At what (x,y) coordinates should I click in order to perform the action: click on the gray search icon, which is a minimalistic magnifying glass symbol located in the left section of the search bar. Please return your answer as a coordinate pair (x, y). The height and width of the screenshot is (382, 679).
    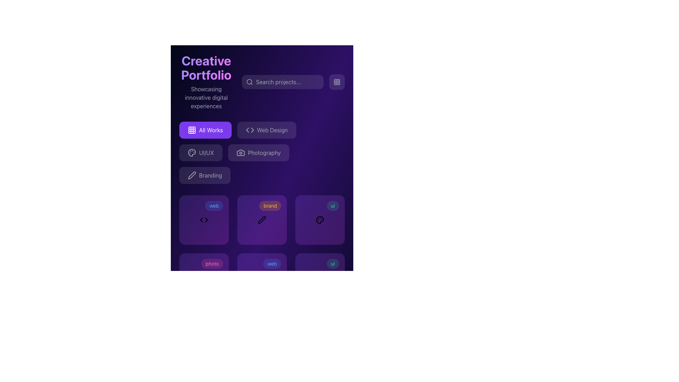
    Looking at the image, I should click on (249, 81).